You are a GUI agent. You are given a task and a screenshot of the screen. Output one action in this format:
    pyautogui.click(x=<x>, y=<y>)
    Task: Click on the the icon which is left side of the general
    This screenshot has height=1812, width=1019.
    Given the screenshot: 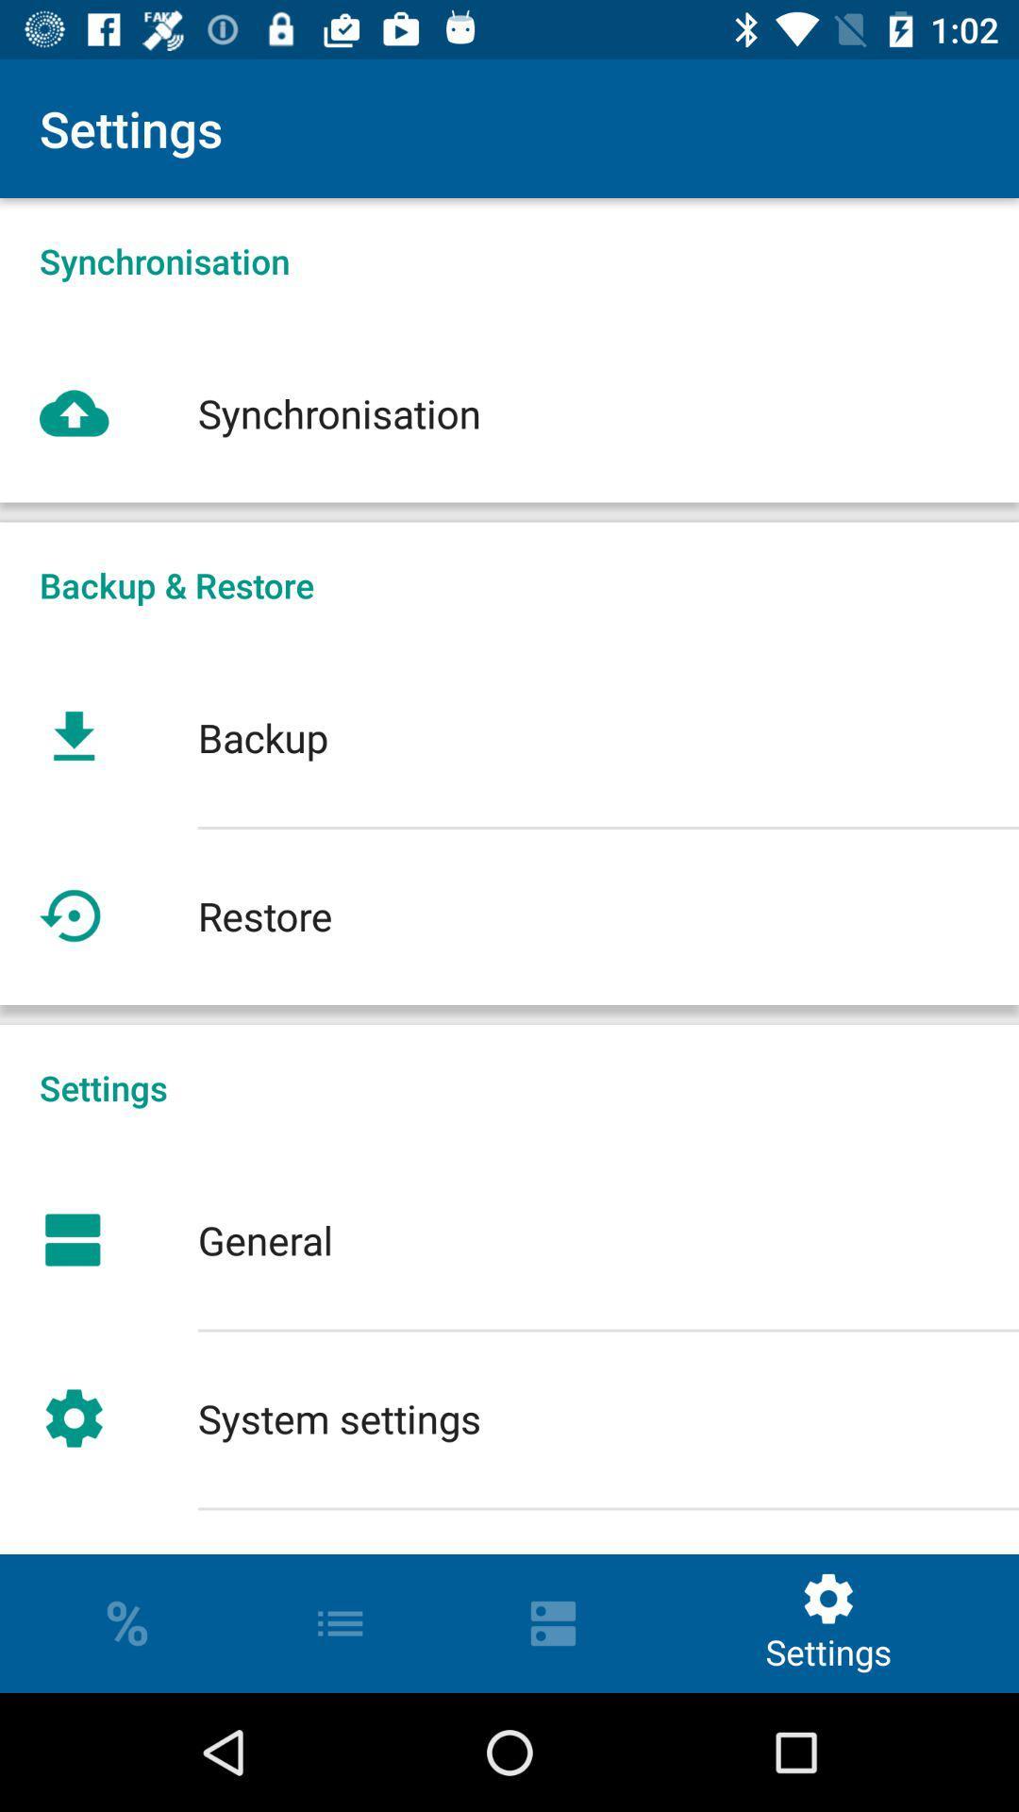 What is the action you would take?
    pyautogui.click(x=73, y=1240)
    